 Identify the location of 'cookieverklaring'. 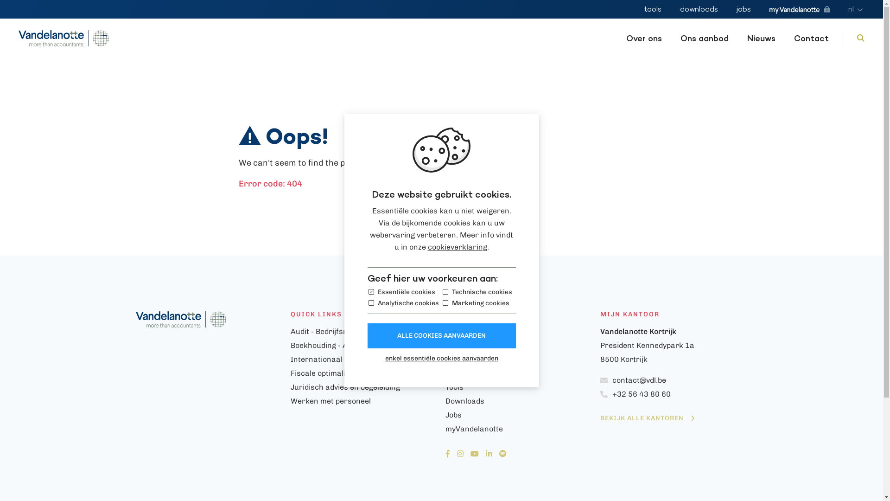
(457, 246).